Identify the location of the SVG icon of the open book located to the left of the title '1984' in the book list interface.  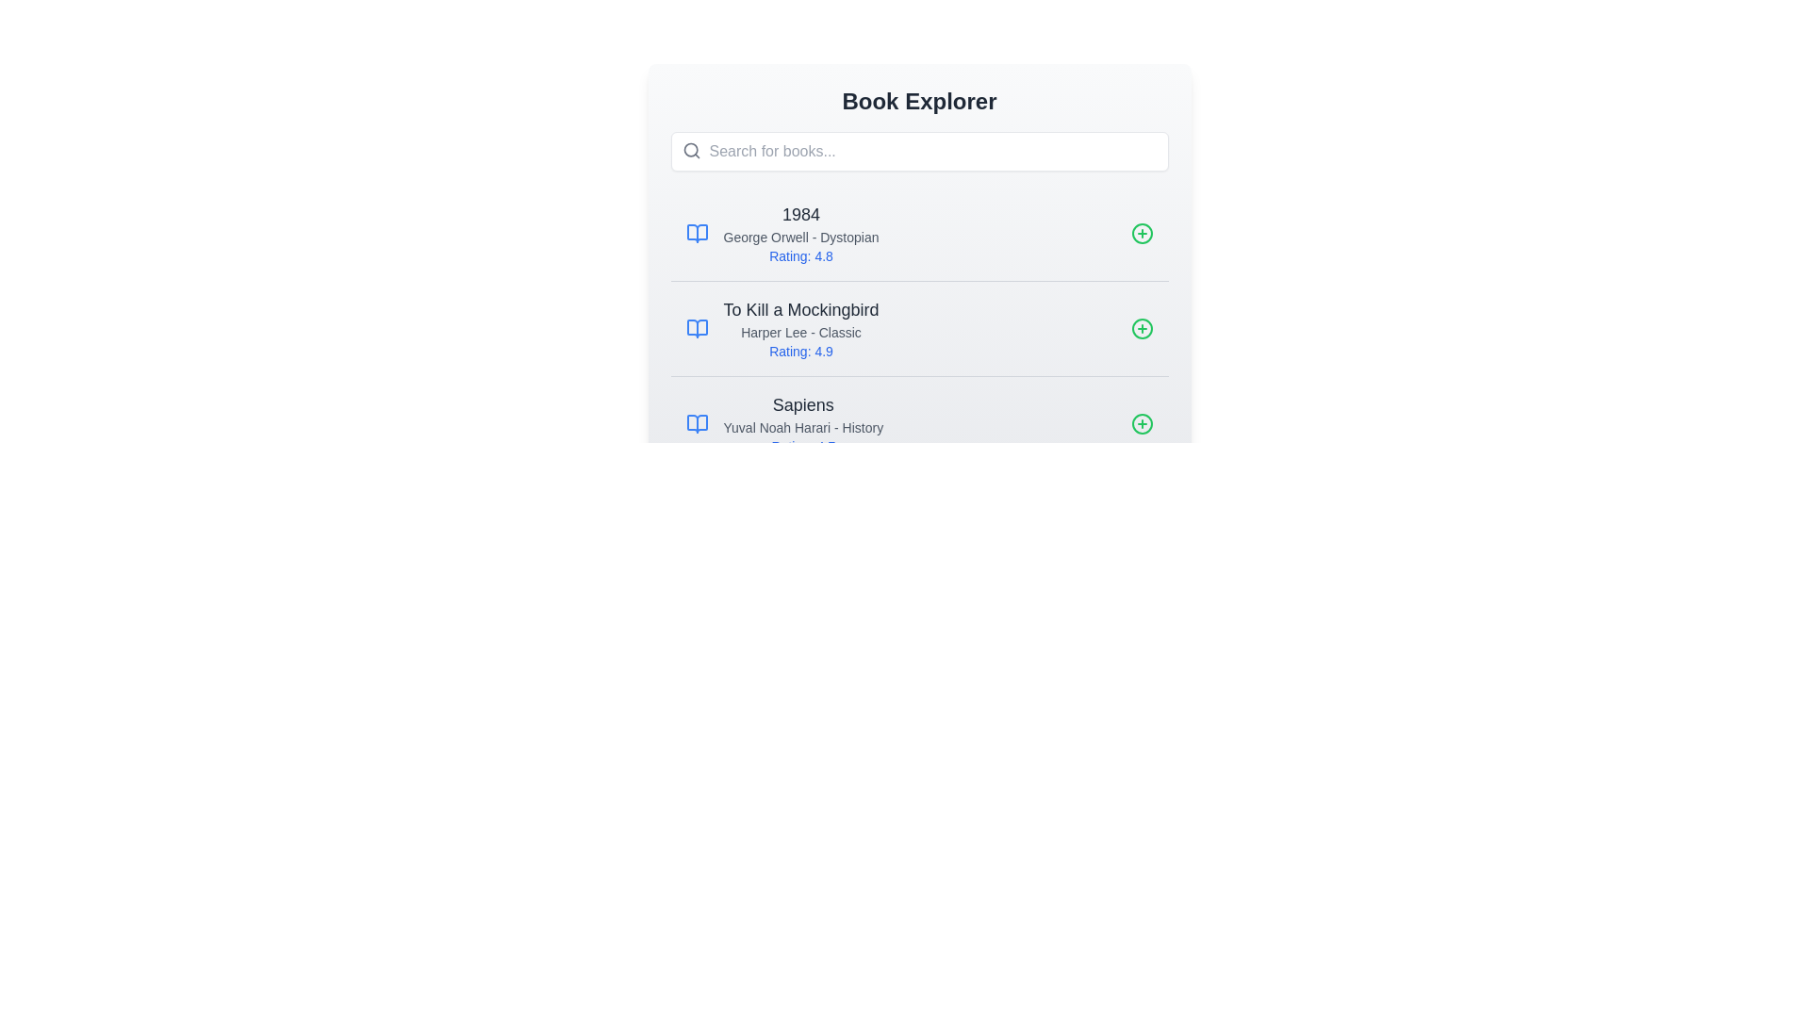
(696, 232).